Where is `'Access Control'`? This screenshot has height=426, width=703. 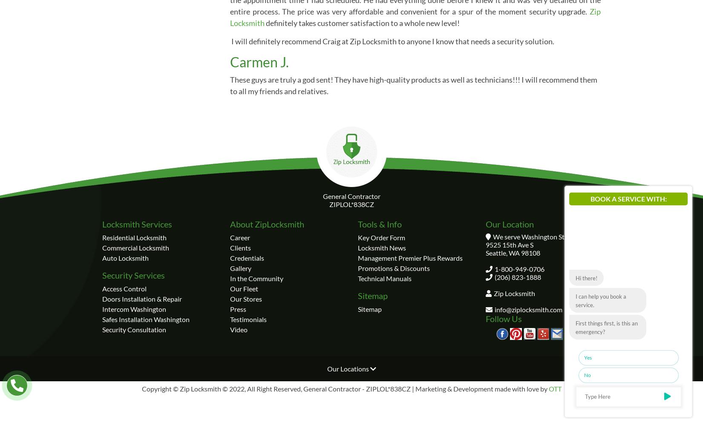
'Access Control' is located at coordinates (124, 288).